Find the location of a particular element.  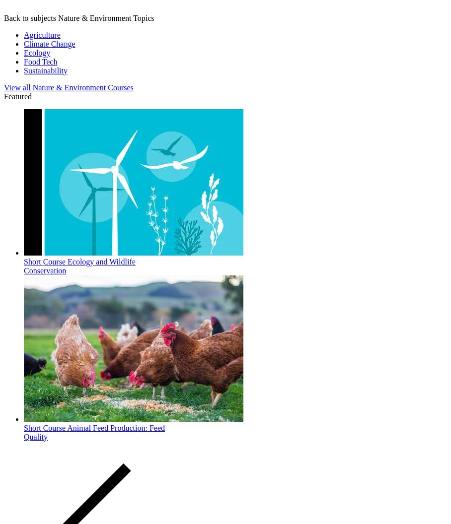

'Ecology and Wildlife Conservation' is located at coordinates (78, 265).